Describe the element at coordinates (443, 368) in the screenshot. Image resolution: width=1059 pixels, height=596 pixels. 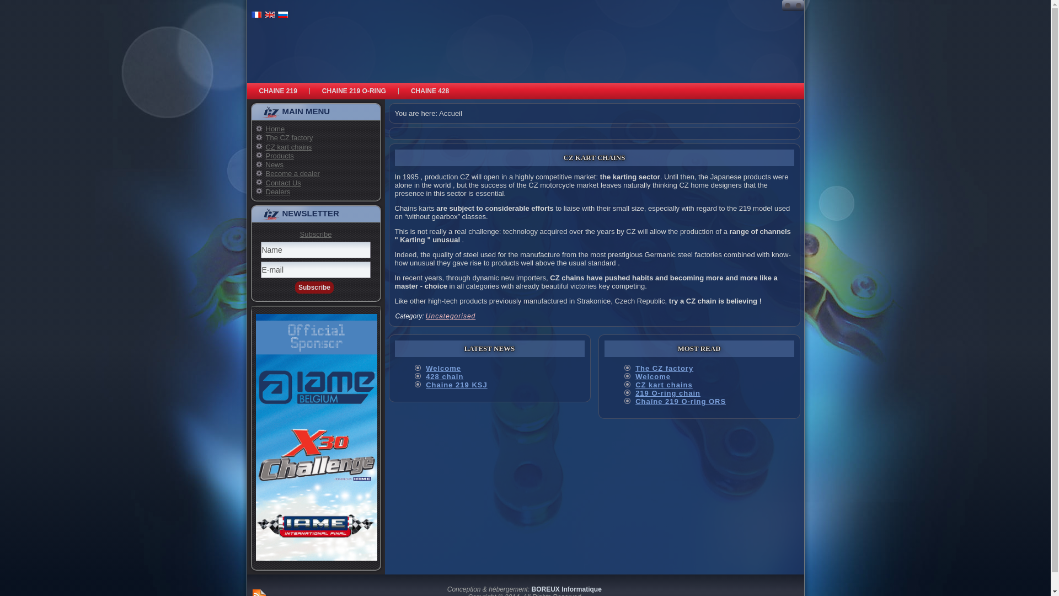
I see `'Welcome'` at that location.